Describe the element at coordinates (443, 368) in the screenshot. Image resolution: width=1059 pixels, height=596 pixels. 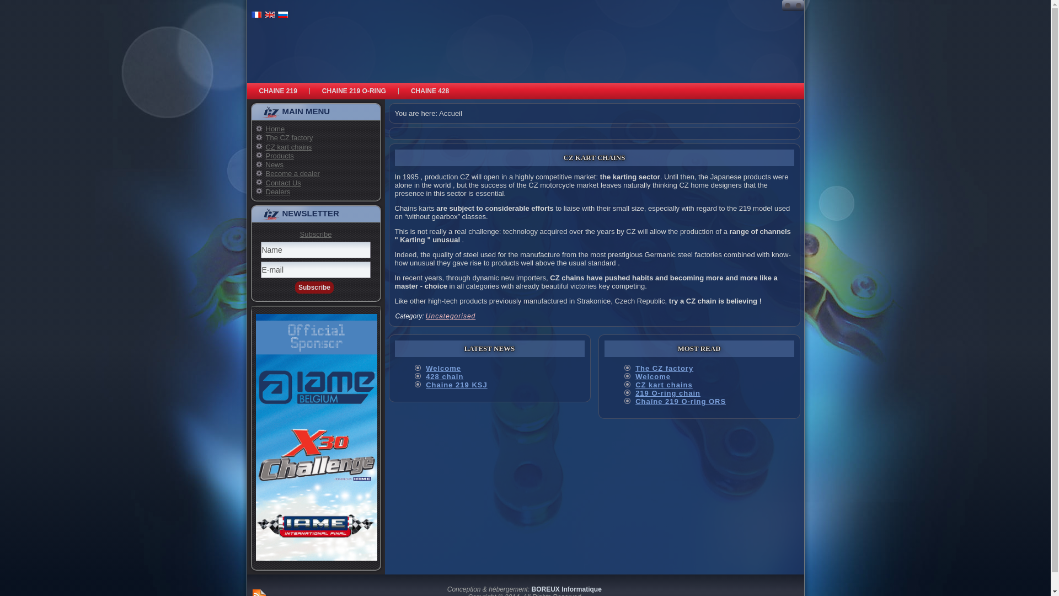
I see `'Welcome'` at that location.